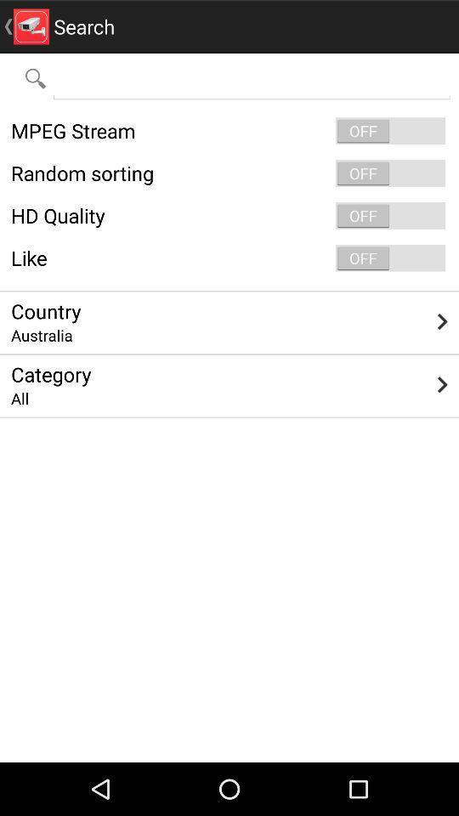 The height and width of the screenshot is (816, 459). What do you see at coordinates (229, 258) in the screenshot?
I see `item below hd quality item` at bounding box center [229, 258].